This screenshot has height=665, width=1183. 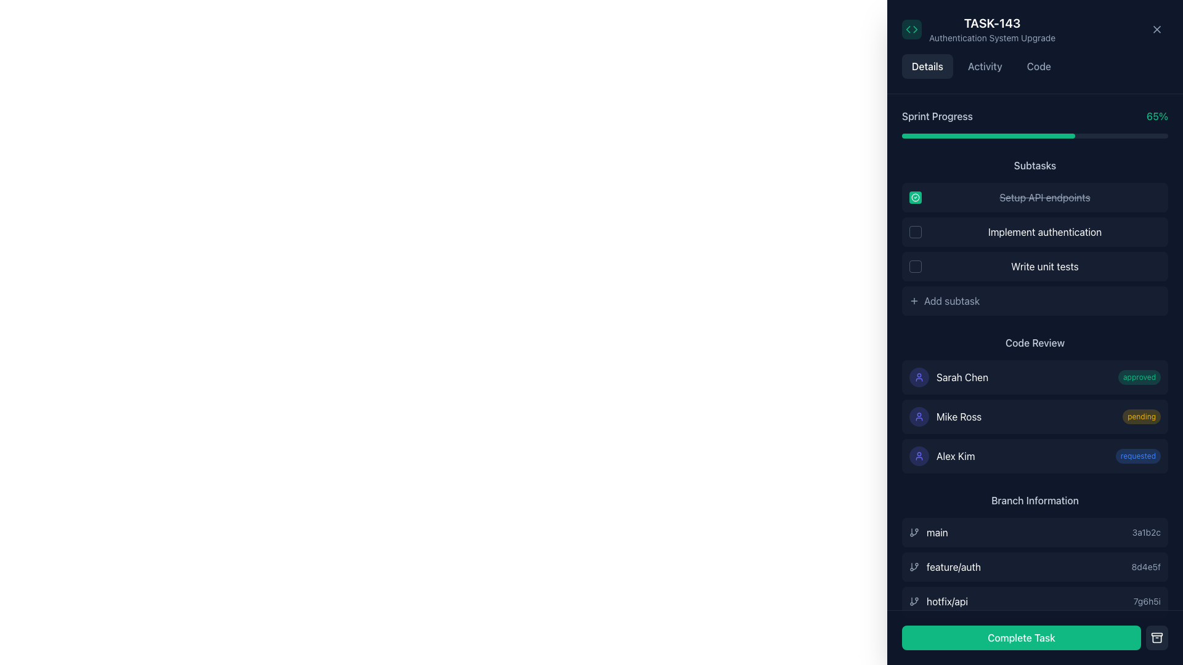 What do you see at coordinates (919, 377) in the screenshot?
I see `the circular avatar or profile picture placeholder representing user 'Sarah Chen', which is positioned to the left of the text 'Sarah Chen'` at bounding box center [919, 377].